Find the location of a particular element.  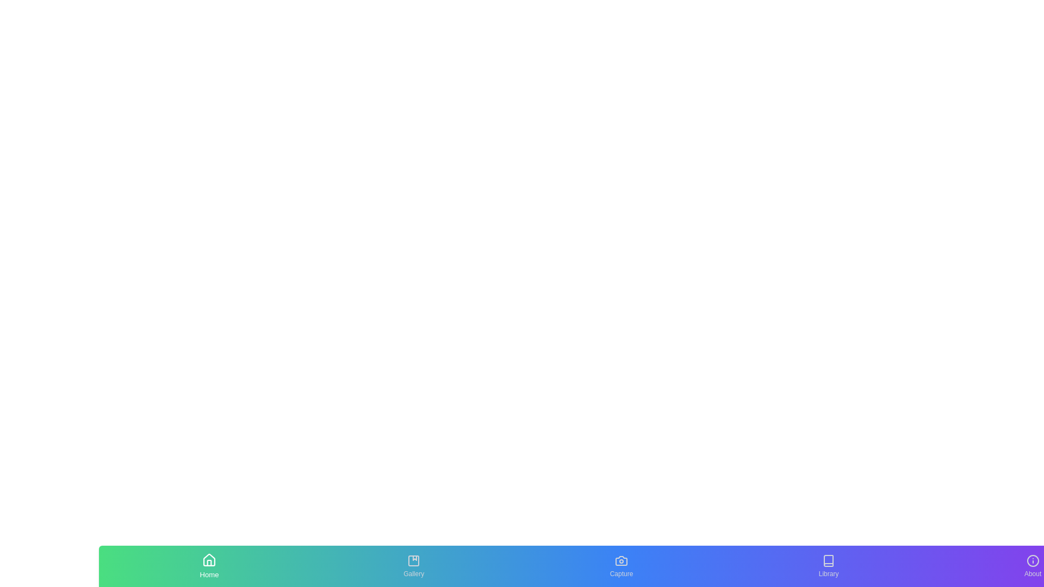

the tab labeled Gallery to inspect its text is located at coordinates (413, 565).